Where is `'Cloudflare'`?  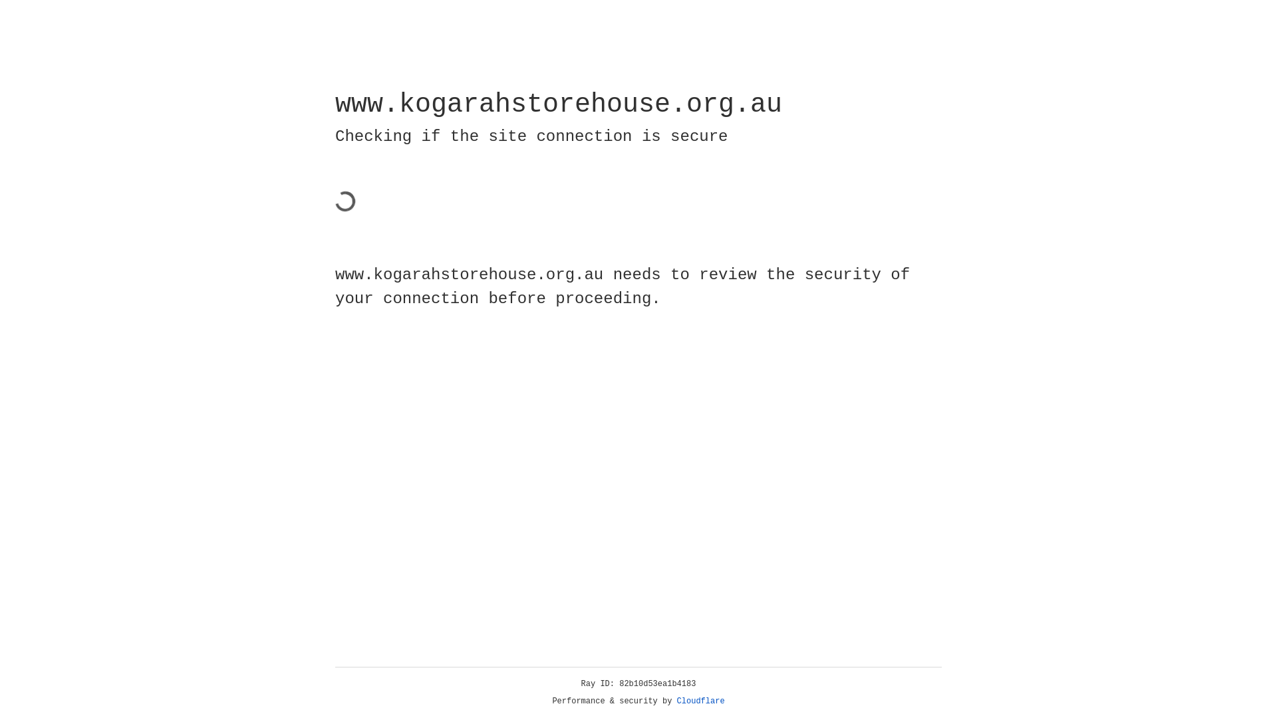
'Cloudflare' is located at coordinates (700, 701).